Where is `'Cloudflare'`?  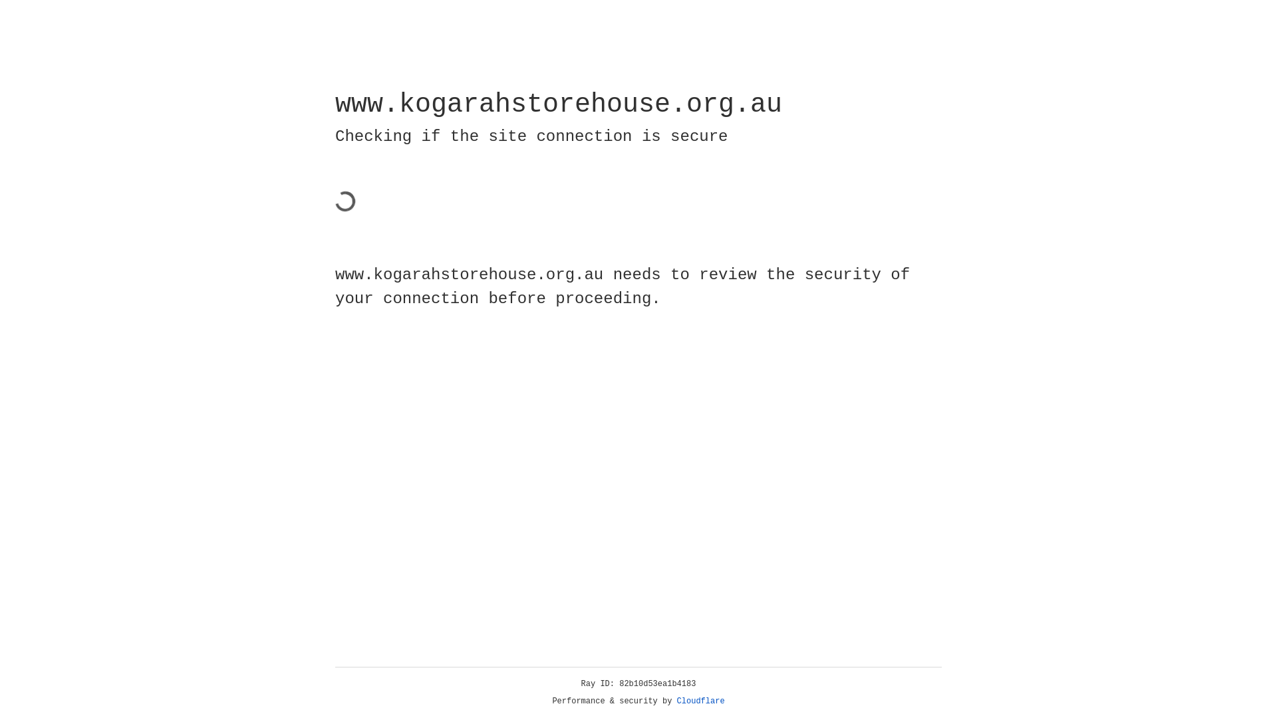
'Cloudflare' is located at coordinates (700, 701).